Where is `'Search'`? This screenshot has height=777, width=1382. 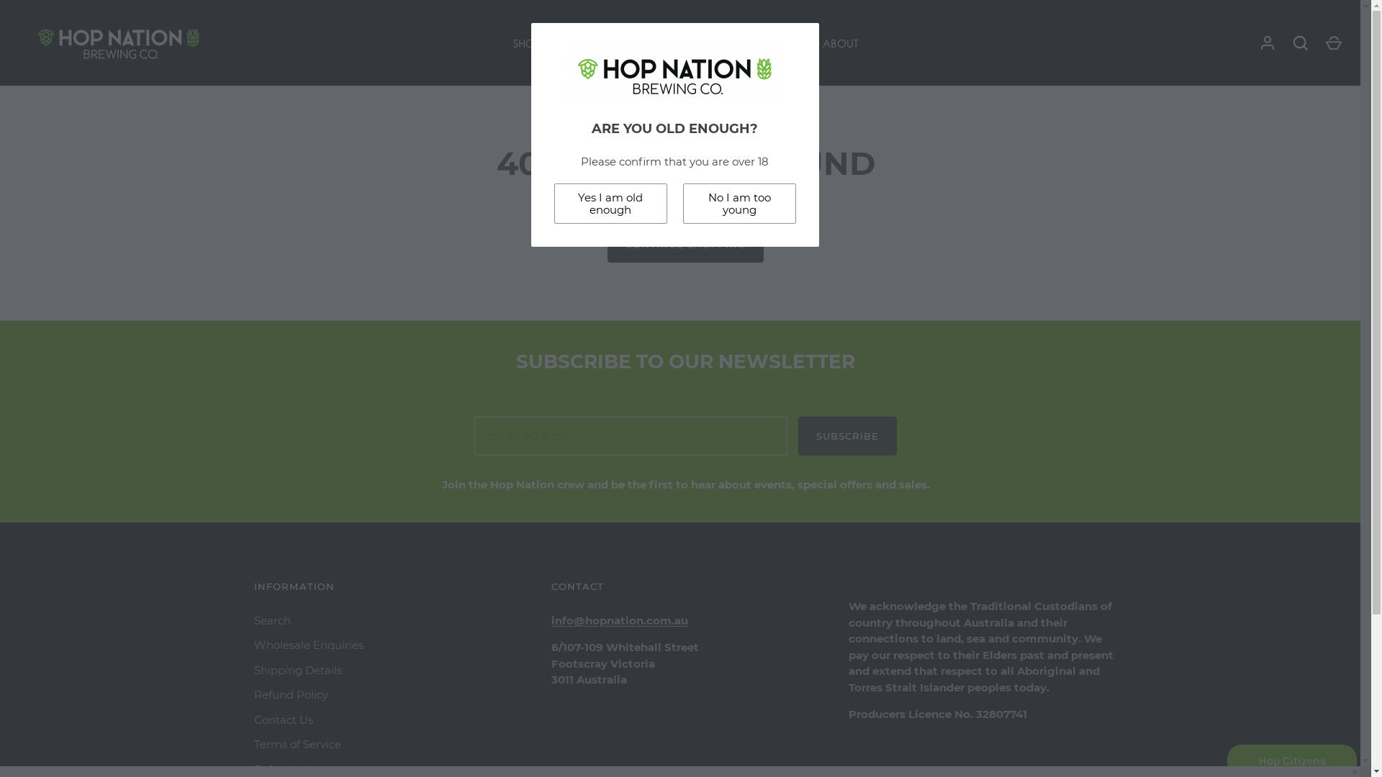
'Search' is located at coordinates (253, 619).